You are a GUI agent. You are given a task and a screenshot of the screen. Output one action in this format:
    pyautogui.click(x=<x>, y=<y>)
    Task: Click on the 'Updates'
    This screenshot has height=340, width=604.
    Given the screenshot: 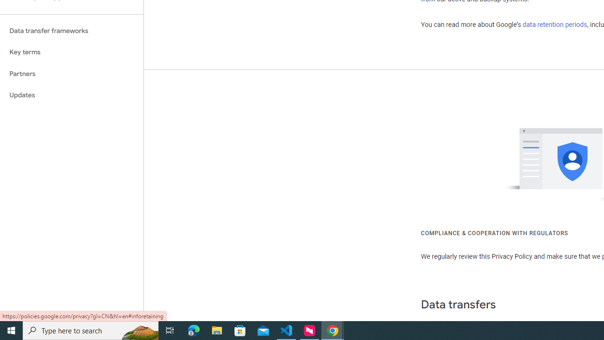 What is the action you would take?
    pyautogui.click(x=71, y=95)
    